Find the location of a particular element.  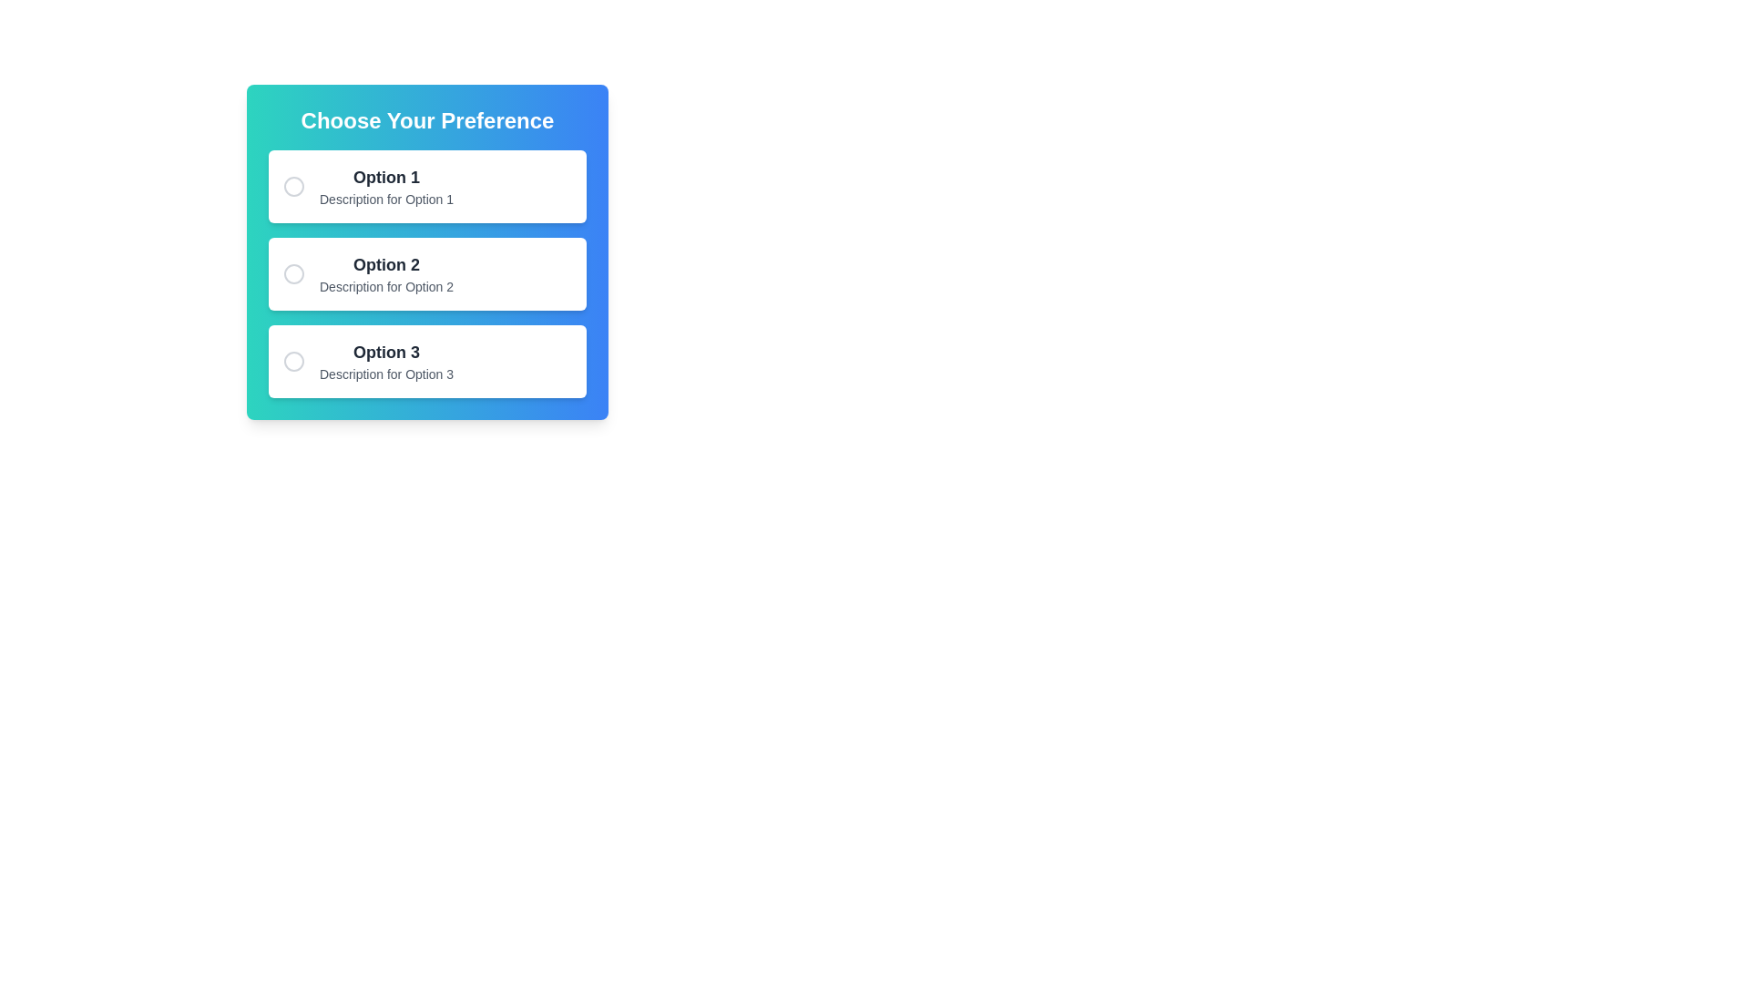

the radio button for Option 1 is located at coordinates (293, 186).